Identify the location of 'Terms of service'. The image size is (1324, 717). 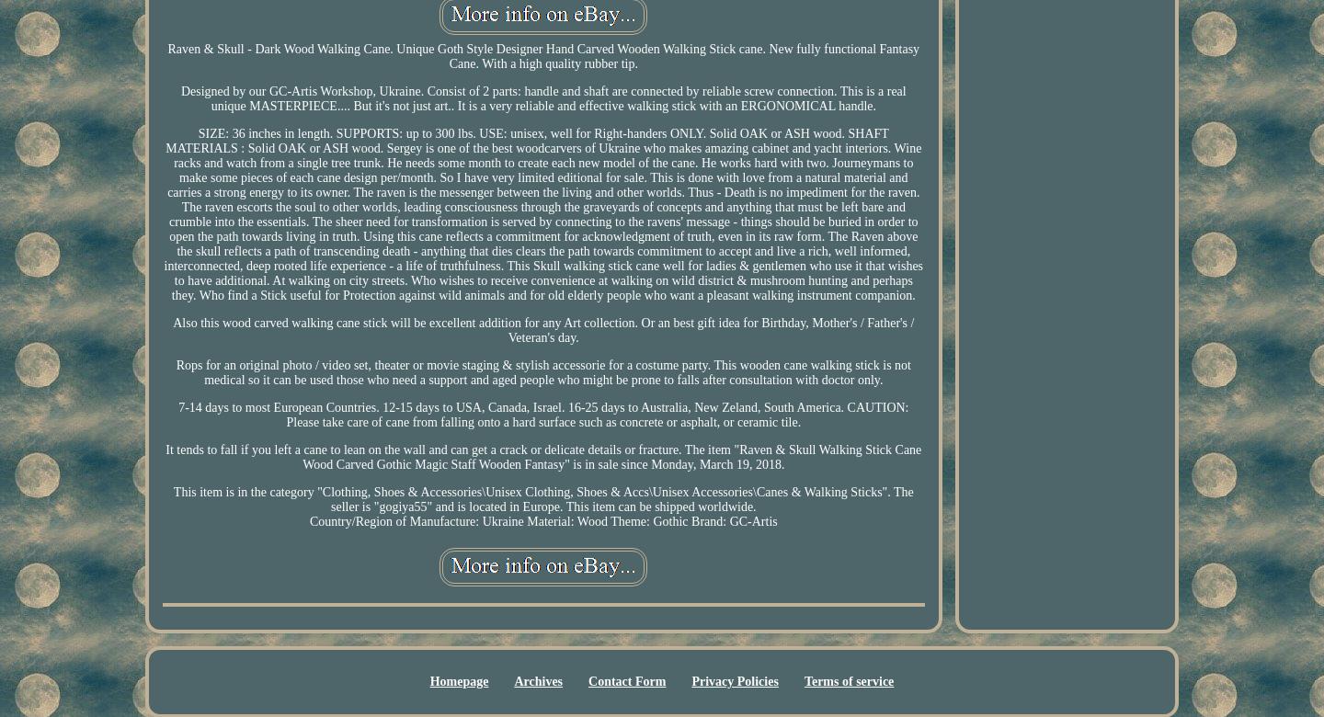
(849, 680).